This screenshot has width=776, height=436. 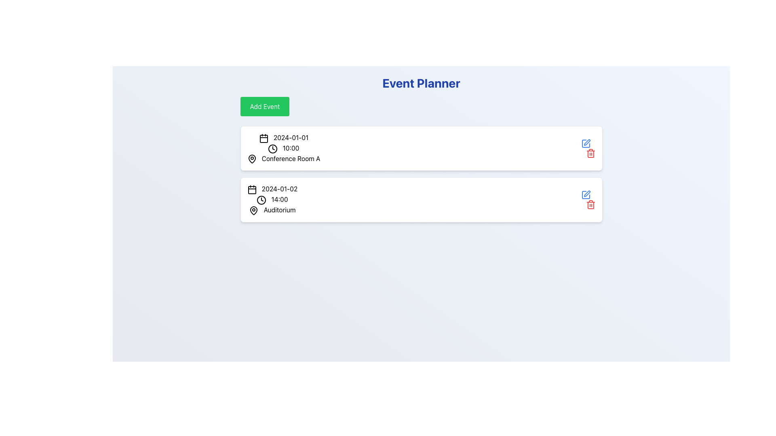 I want to click on scheduled time displayed in the text label with icon located to the right of the clock icon for the second event entry, so click(x=272, y=200).